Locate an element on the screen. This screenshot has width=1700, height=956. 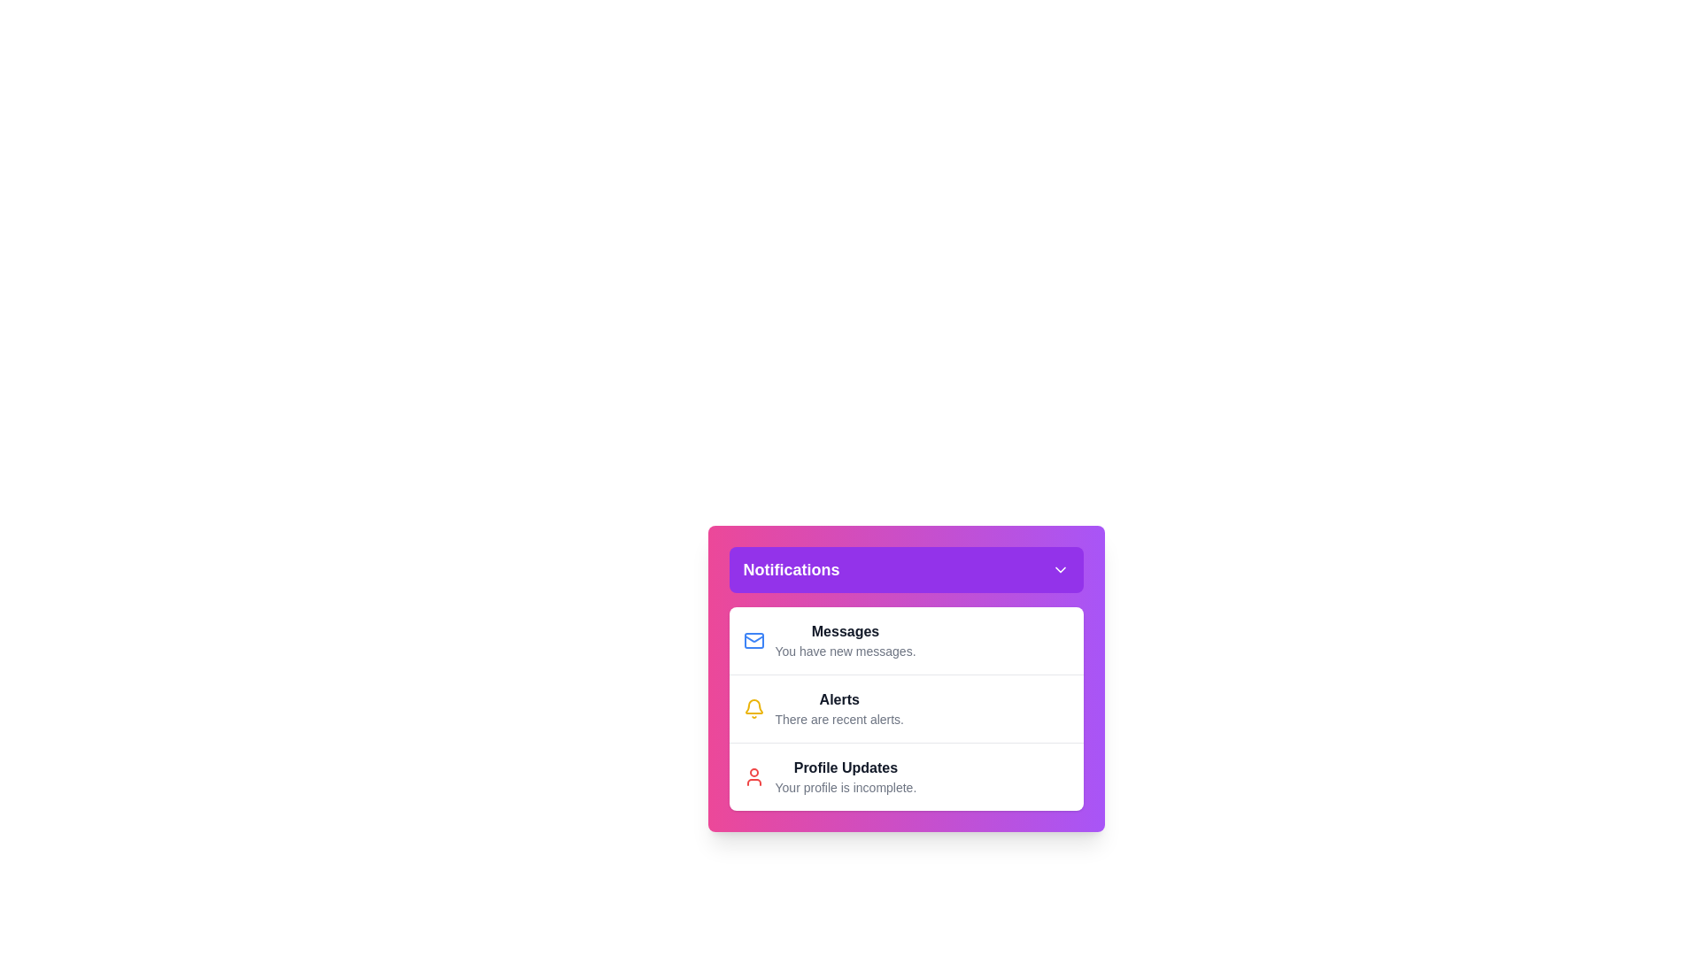
the first Button-like list item in the 'Notifications' dropdown panel is located at coordinates (906, 641).